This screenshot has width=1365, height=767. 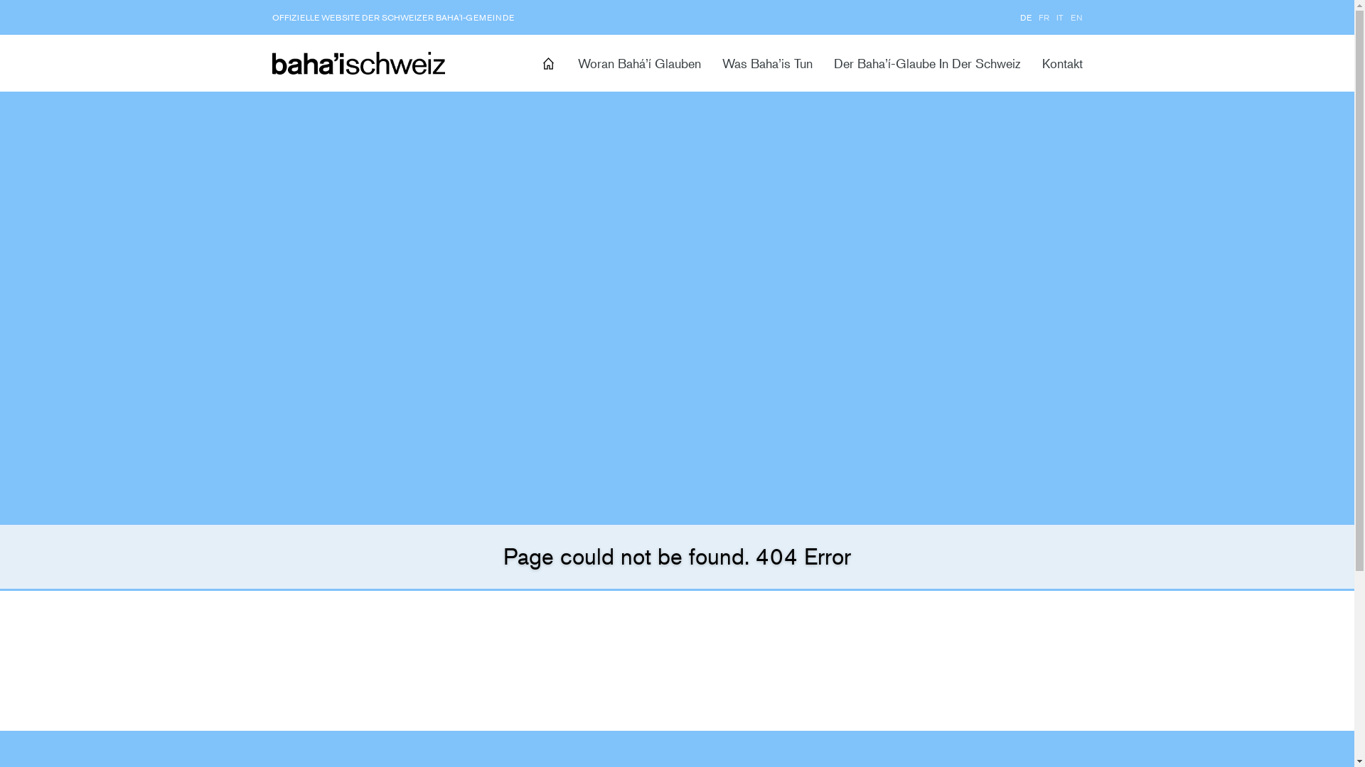 I want to click on 'FR', so click(x=1043, y=17).